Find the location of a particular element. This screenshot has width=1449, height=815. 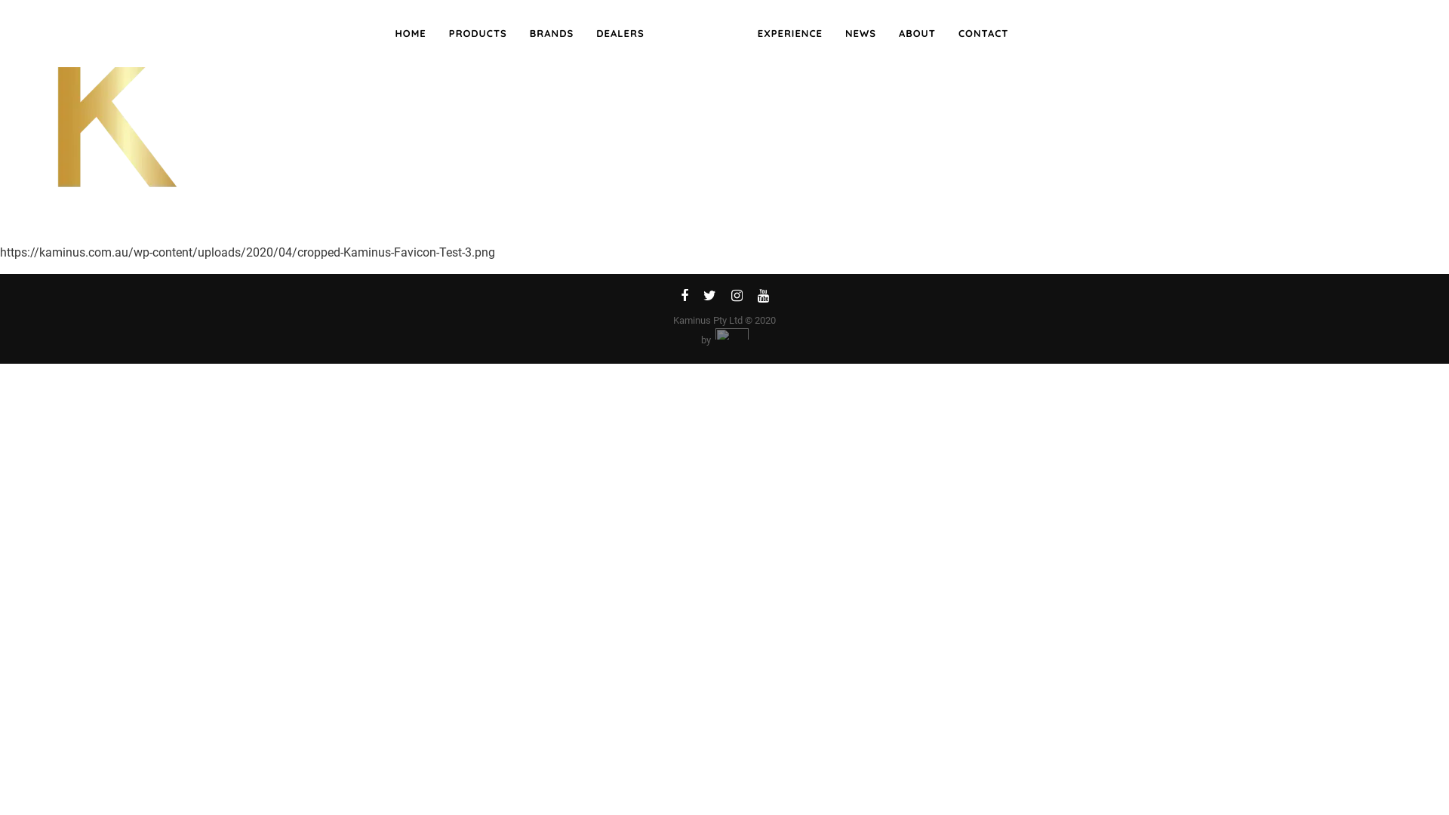

'Twitter' is located at coordinates (694, 298).